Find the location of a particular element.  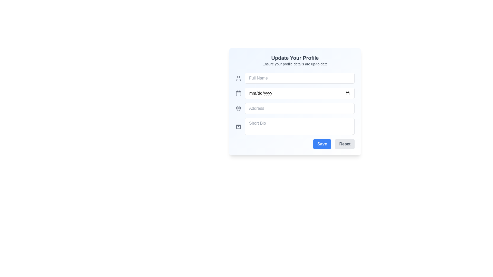

the blue 'Save' button with white bold text located is located at coordinates (322, 144).